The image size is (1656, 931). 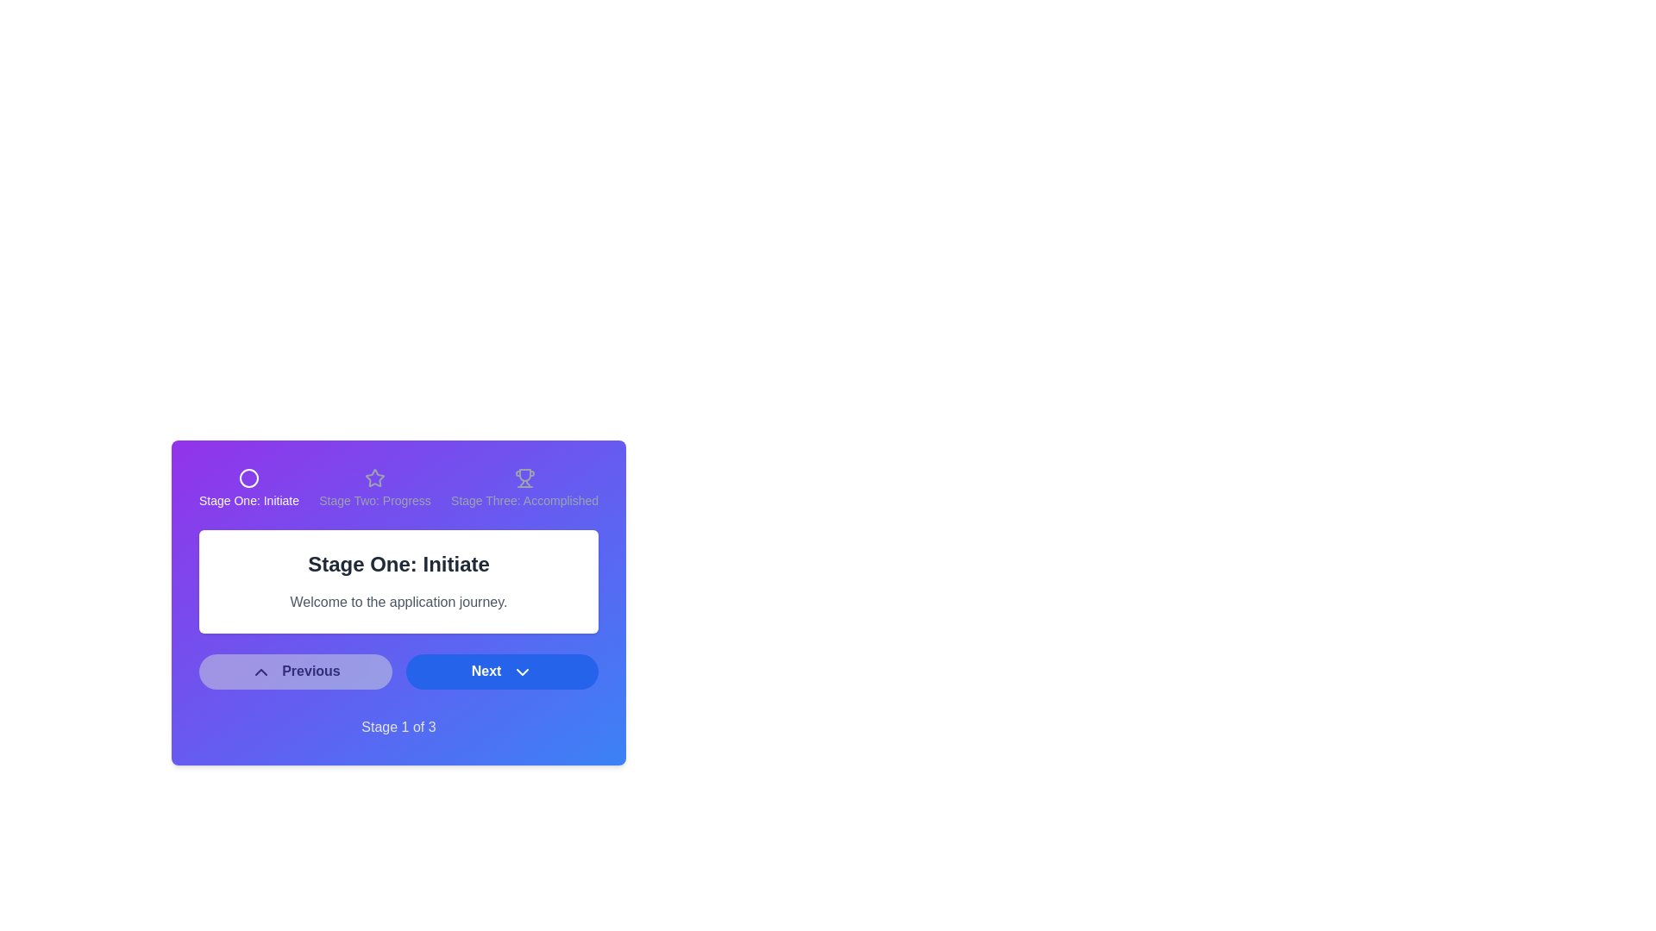 I want to click on text of the label that indicates the current progress stage, which is the second stage labeled 'Progress' in a horizontal sequence of three indicators within a progress bar, so click(x=374, y=501).